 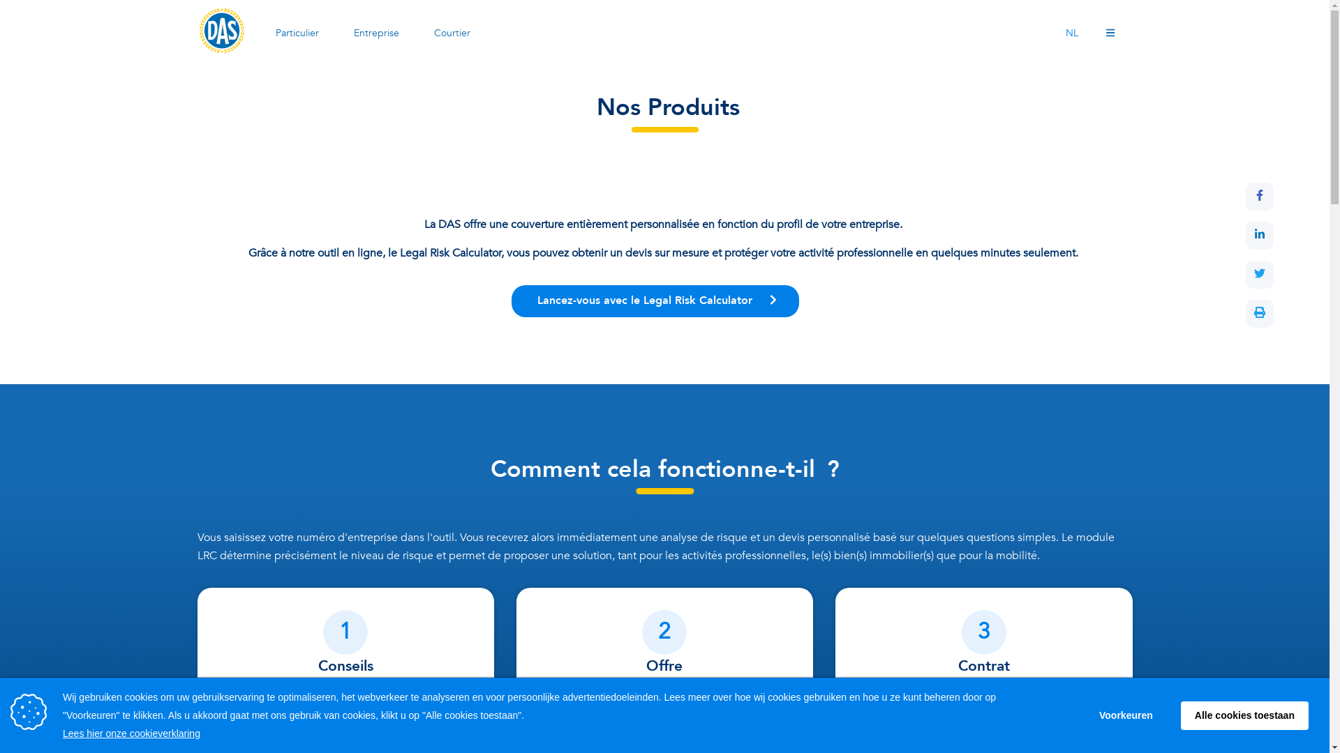 What do you see at coordinates (653, 301) in the screenshot?
I see `' Lancez-vous avec le Legal Risk Calculator '` at bounding box center [653, 301].